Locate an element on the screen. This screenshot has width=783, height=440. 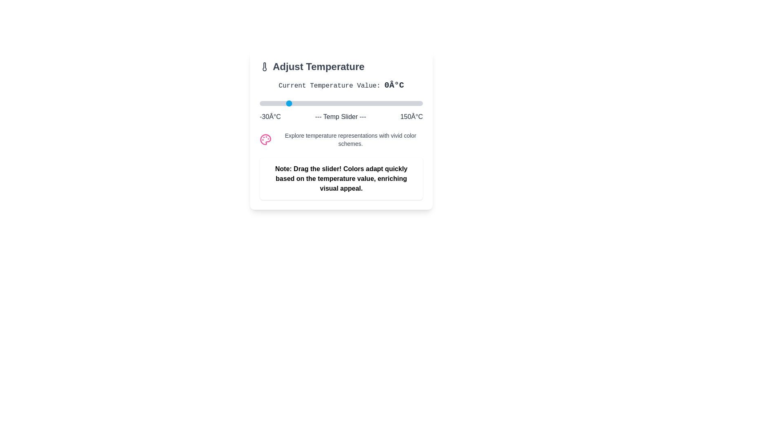
the temperature slider to set the temperature to 77°C is located at coordinates (356, 103).